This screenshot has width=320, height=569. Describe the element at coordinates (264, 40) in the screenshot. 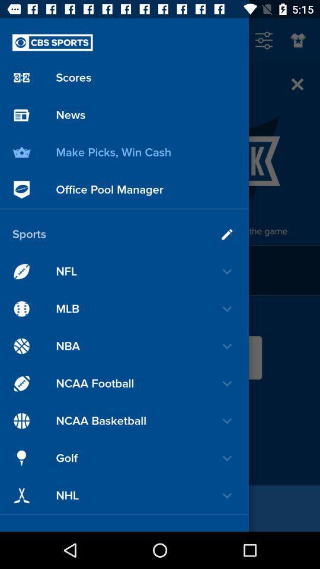

I see `the sliders icon` at that location.